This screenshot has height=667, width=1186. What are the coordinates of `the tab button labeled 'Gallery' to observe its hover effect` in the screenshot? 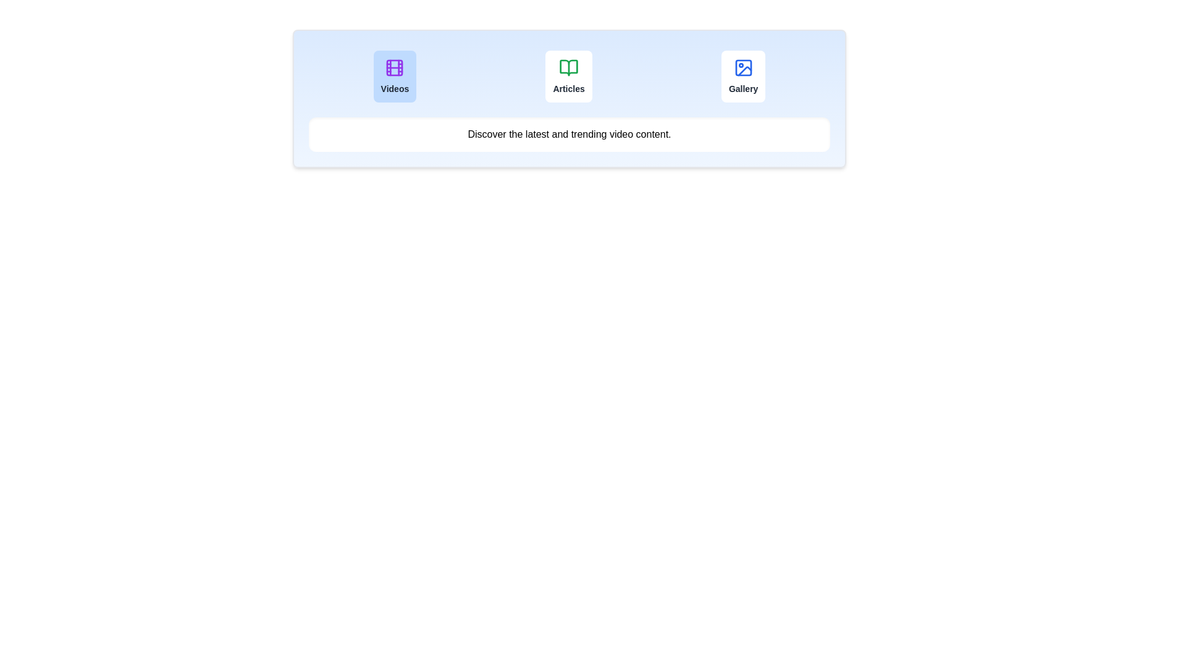 It's located at (742, 76).